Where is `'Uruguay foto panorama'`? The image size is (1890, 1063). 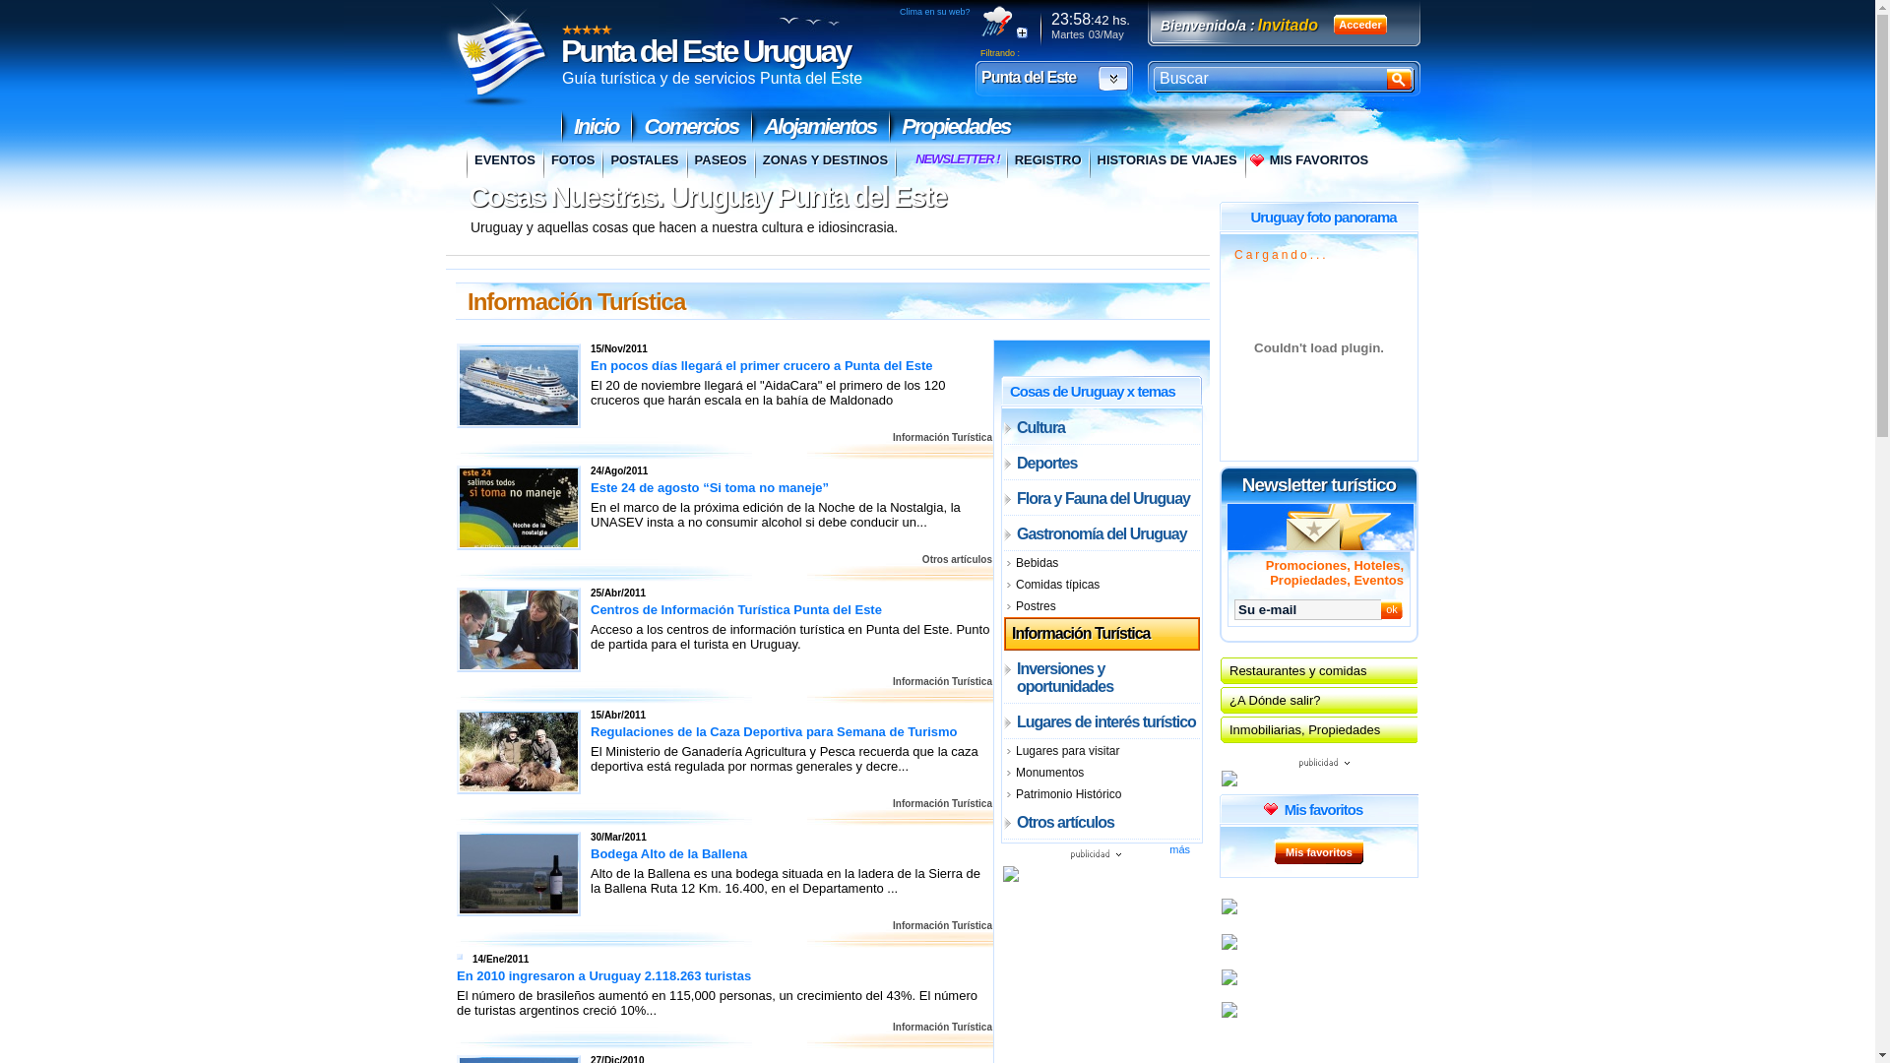 'Uruguay foto panorama' is located at coordinates (1323, 216).